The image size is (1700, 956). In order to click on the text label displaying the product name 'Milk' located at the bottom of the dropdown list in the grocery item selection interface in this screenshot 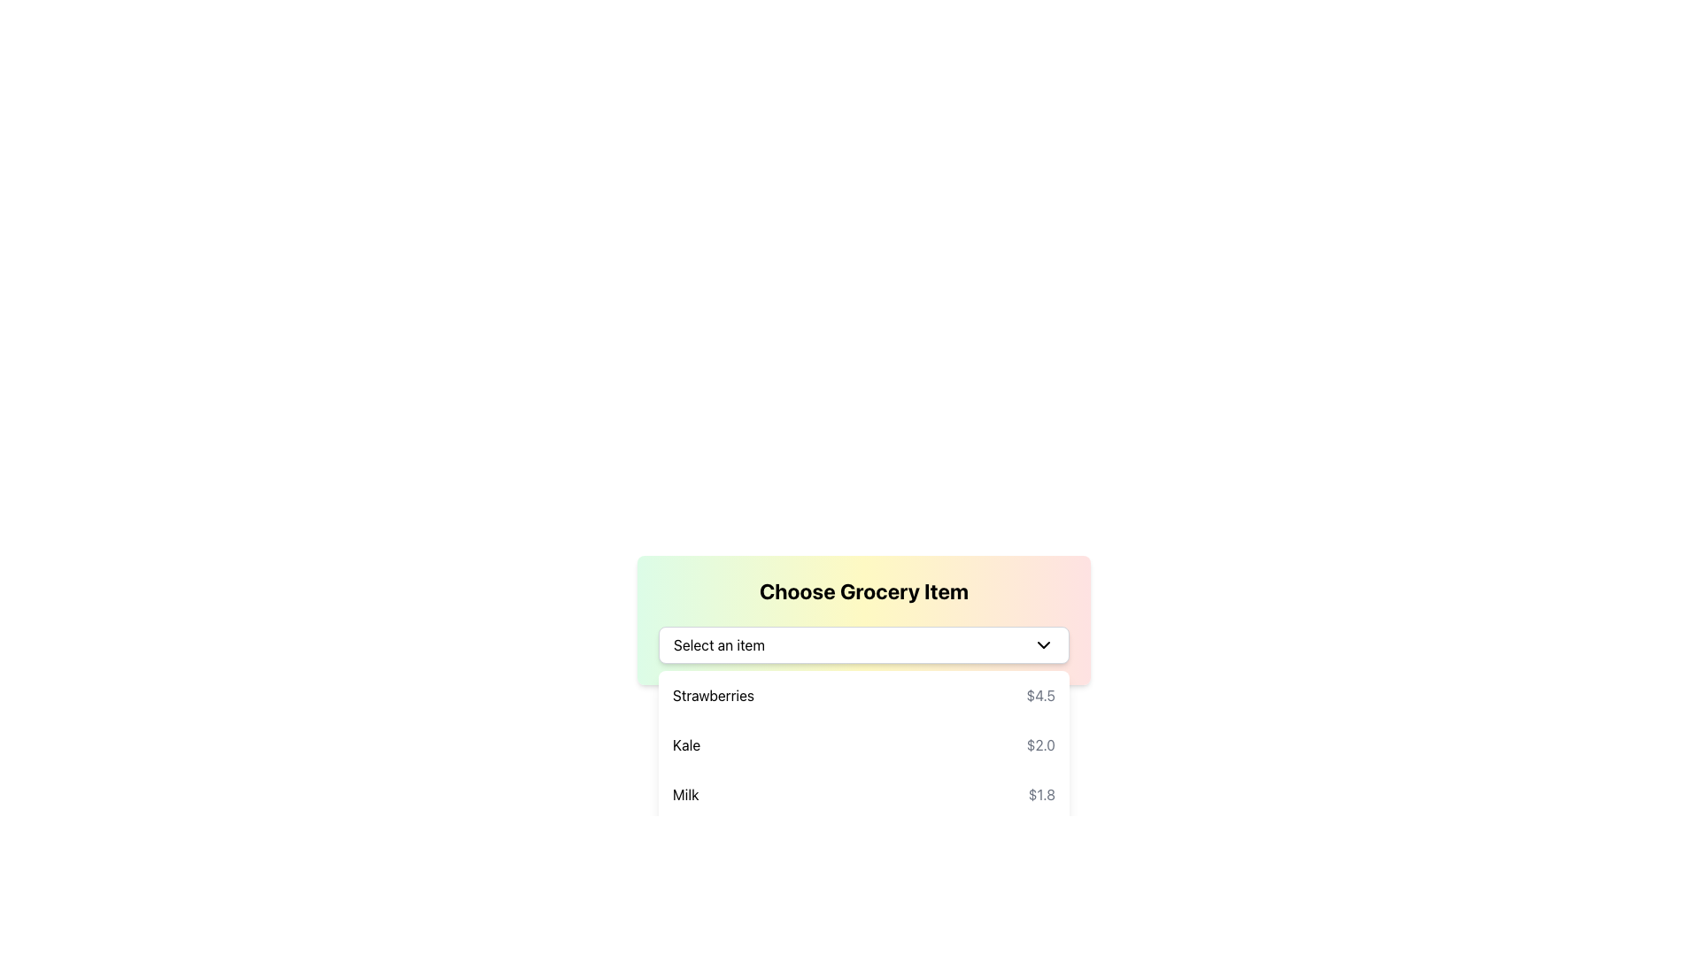, I will do `click(684, 794)`.